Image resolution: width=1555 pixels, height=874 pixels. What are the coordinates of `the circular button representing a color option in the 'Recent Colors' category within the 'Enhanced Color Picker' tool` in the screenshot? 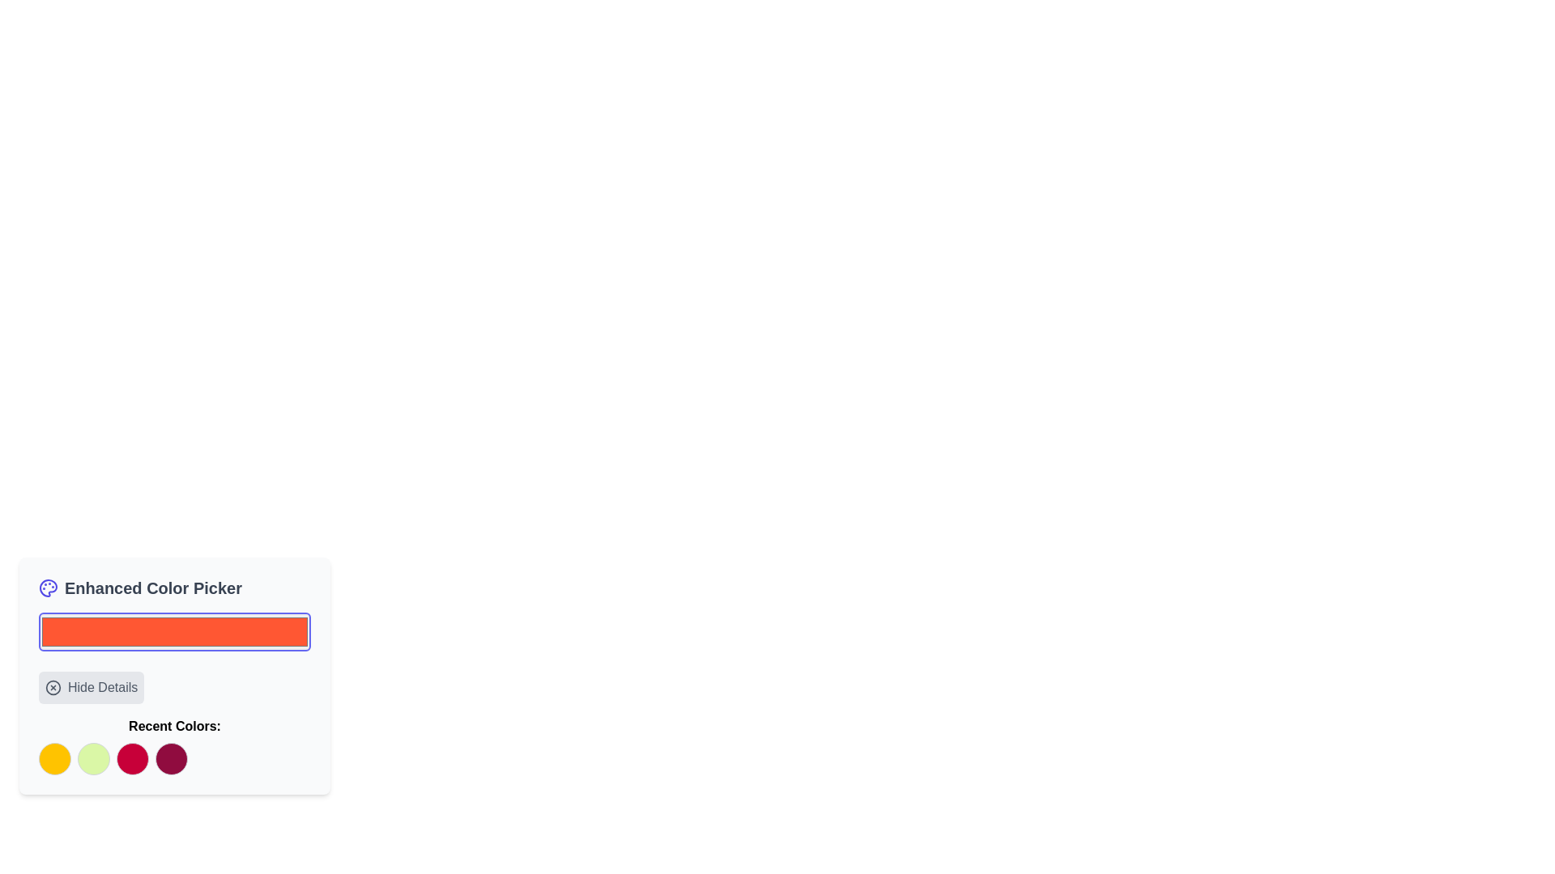 It's located at (92, 758).